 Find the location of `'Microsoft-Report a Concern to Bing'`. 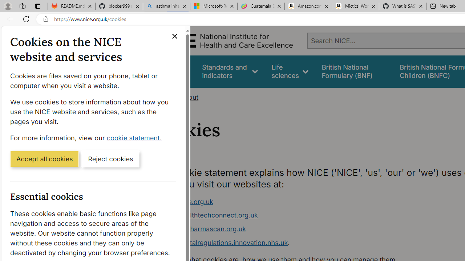

'Microsoft-Report a Concern to Bing' is located at coordinates (213, 6).